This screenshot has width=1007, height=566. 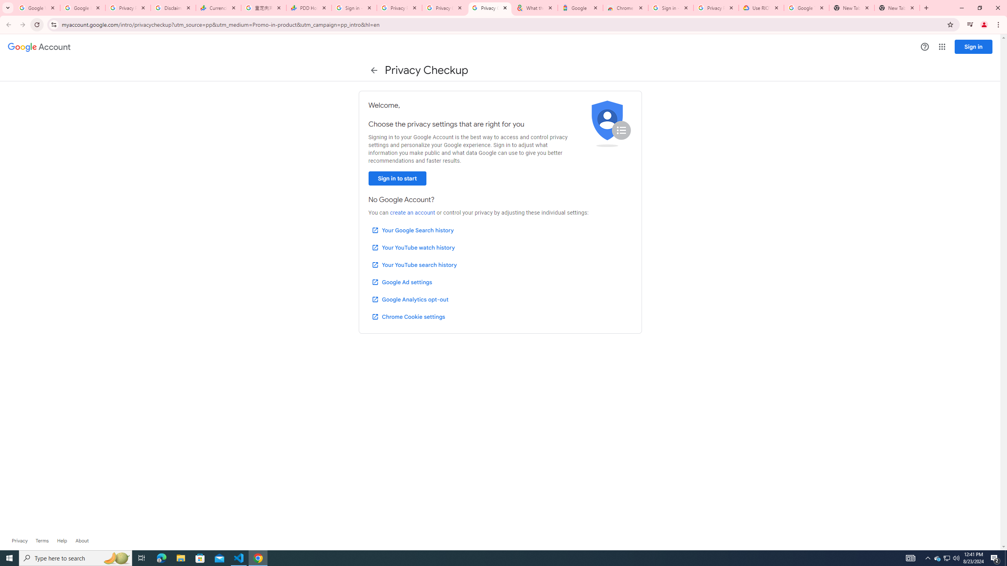 What do you see at coordinates (413, 247) in the screenshot?
I see `'Your YouTube watch history'` at bounding box center [413, 247].